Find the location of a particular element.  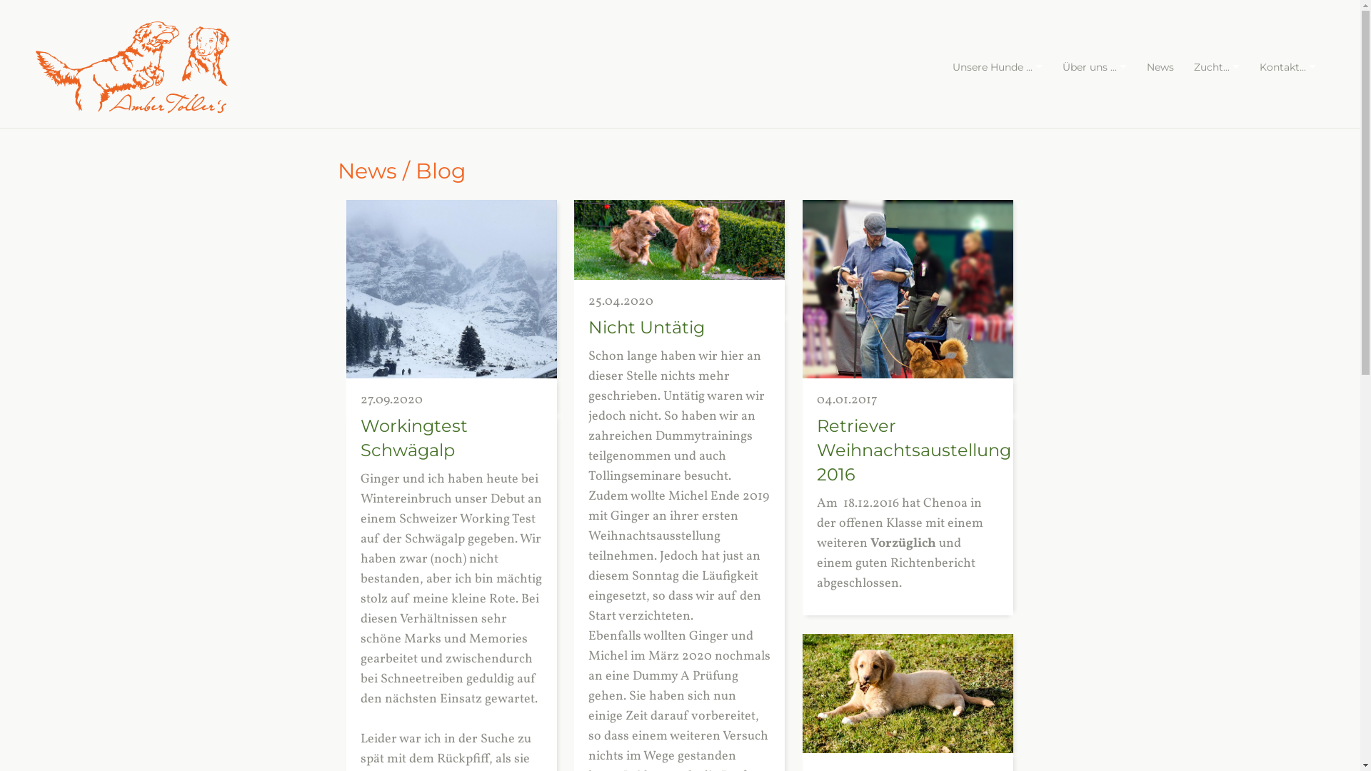

'Retriever Weihnachtsaustellung 2016' is located at coordinates (816, 450).